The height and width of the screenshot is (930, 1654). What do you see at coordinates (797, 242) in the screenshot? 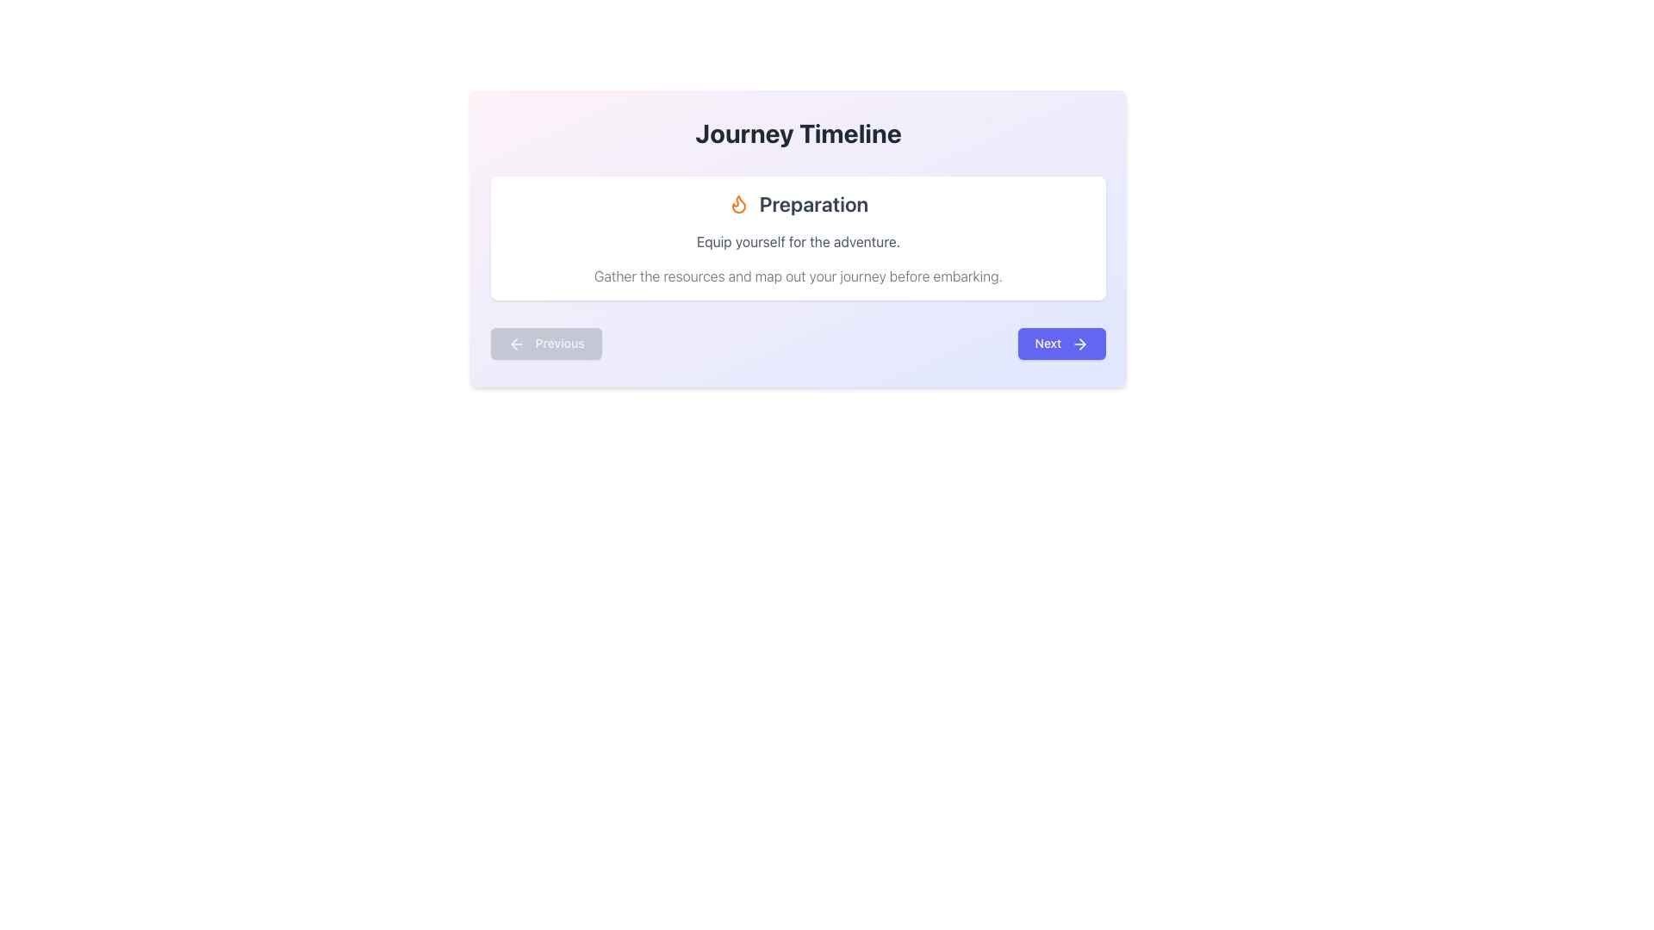
I see `the informative text element located below the heading 'Preparation' and above the text 'Gather the resources and map out your journey before embarking.'` at bounding box center [797, 242].